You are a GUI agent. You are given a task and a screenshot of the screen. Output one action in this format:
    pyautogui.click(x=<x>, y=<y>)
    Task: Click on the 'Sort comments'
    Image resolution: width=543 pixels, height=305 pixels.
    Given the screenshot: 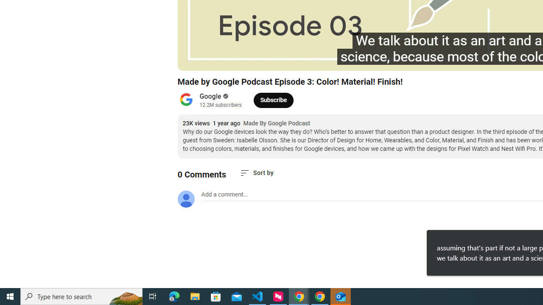 What is the action you would take?
    pyautogui.click(x=256, y=172)
    